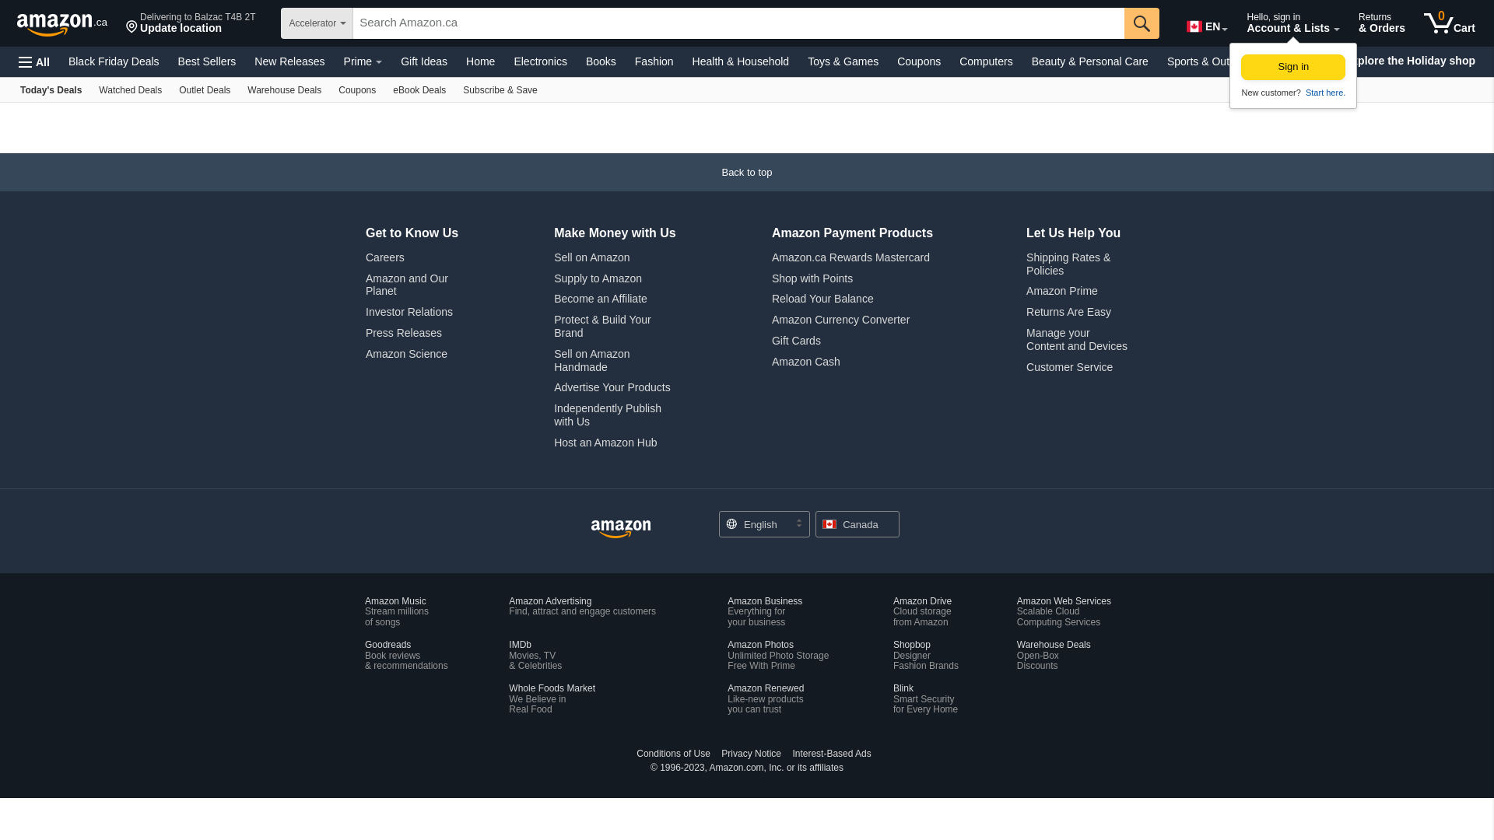 Image resolution: width=1494 pixels, height=840 pixels. What do you see at coordinates (601, 325) in the screenshot?
I see `'Protect & Build Your Brand'` at bounding box center [601, 325].